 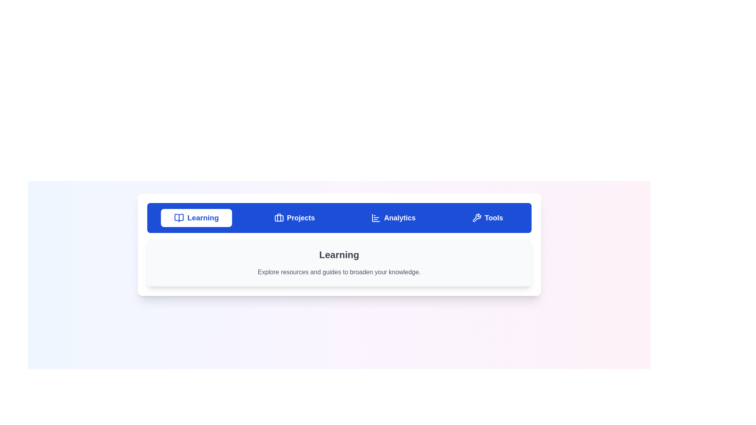 I want to click on the 'Analytics' icon in the navigation bar, which is the third button from the left, so click(x=376, y=218).